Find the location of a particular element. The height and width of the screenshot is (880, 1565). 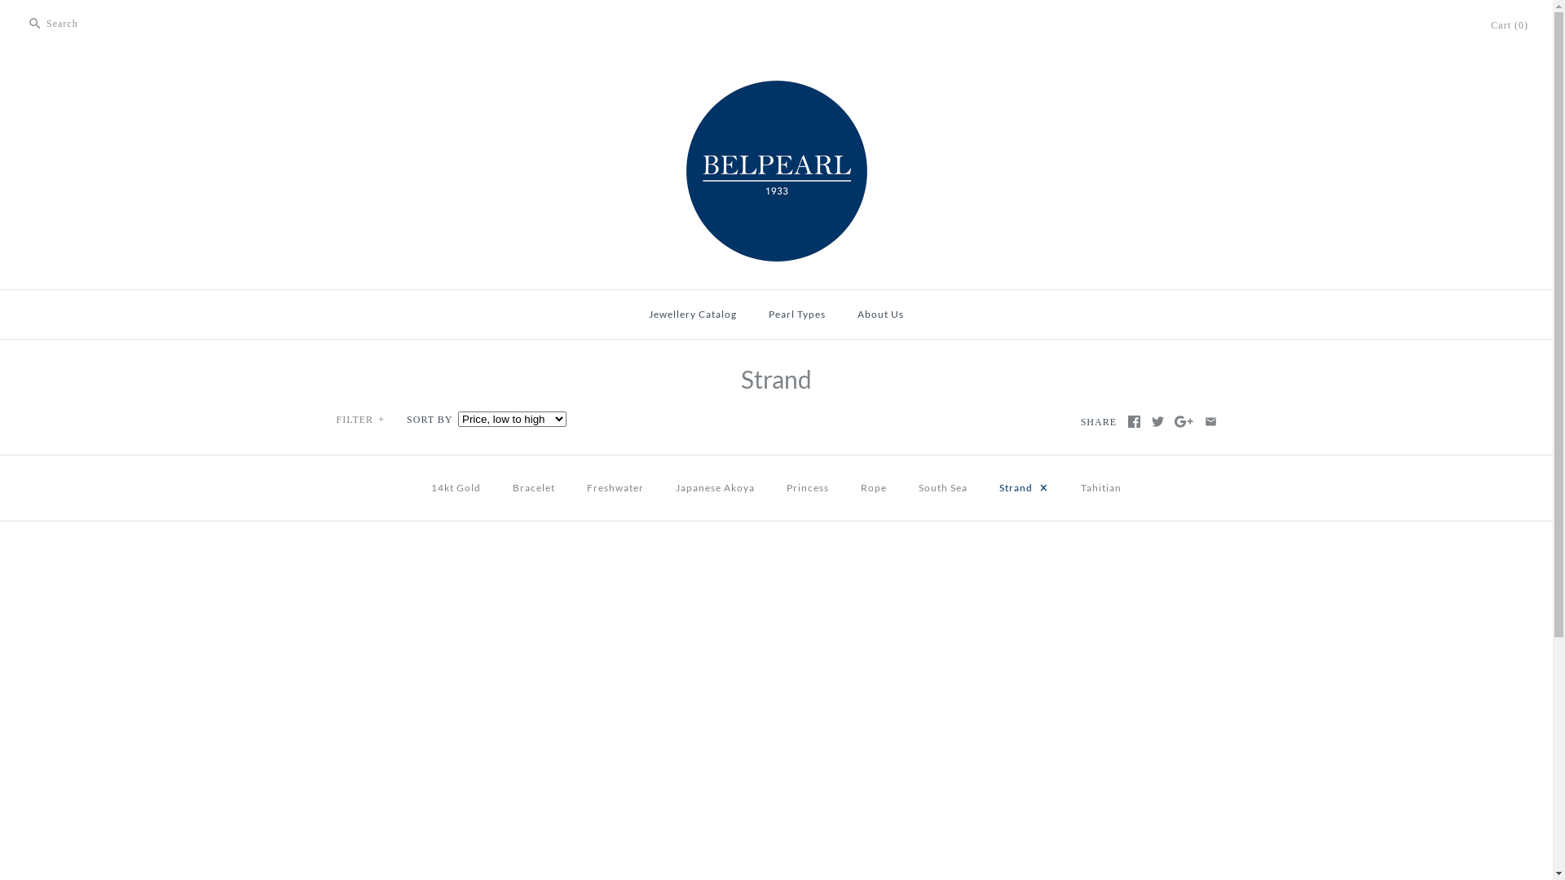

'About Us' is located at coordinates (879, 314).